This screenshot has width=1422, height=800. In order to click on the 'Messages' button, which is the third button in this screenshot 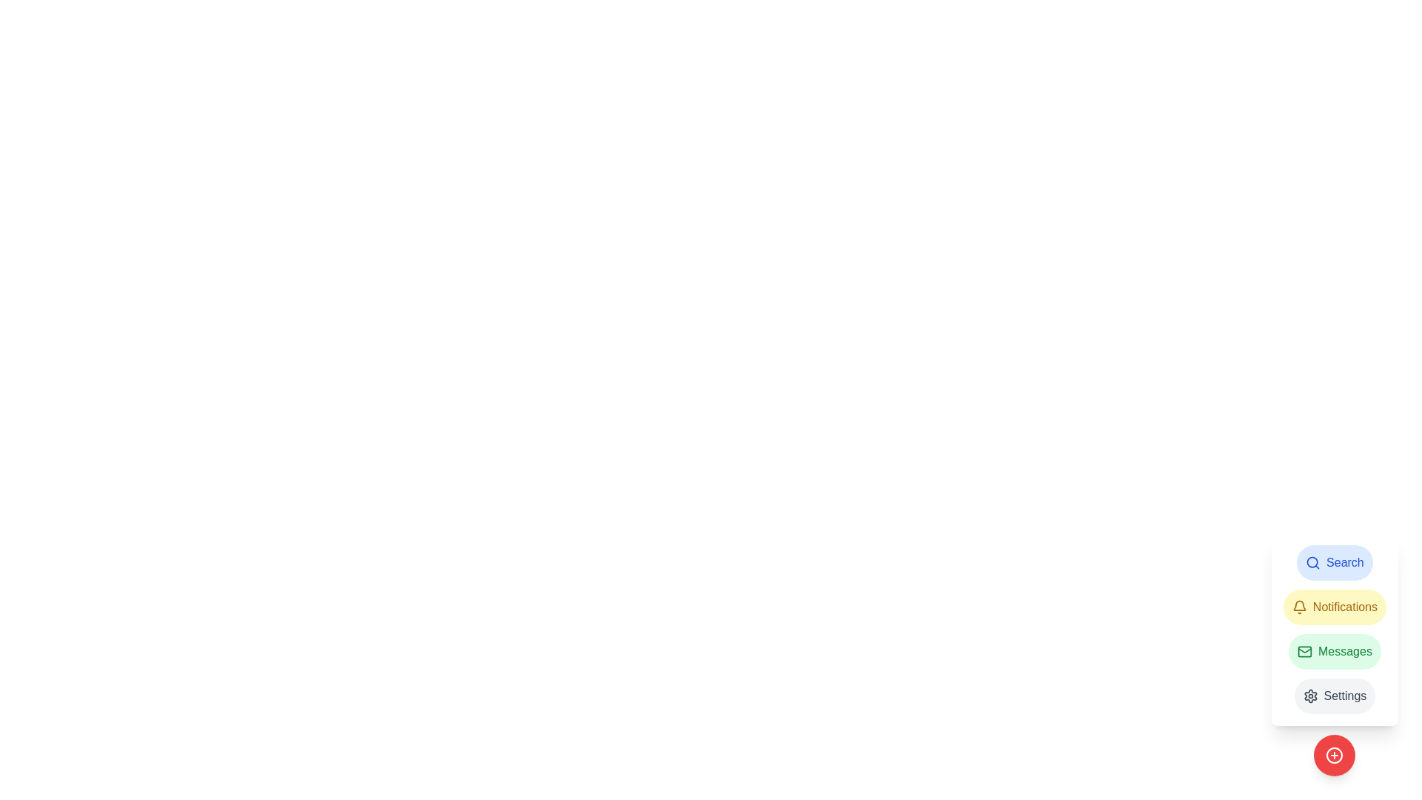, I will do `click(1335, 650)`.